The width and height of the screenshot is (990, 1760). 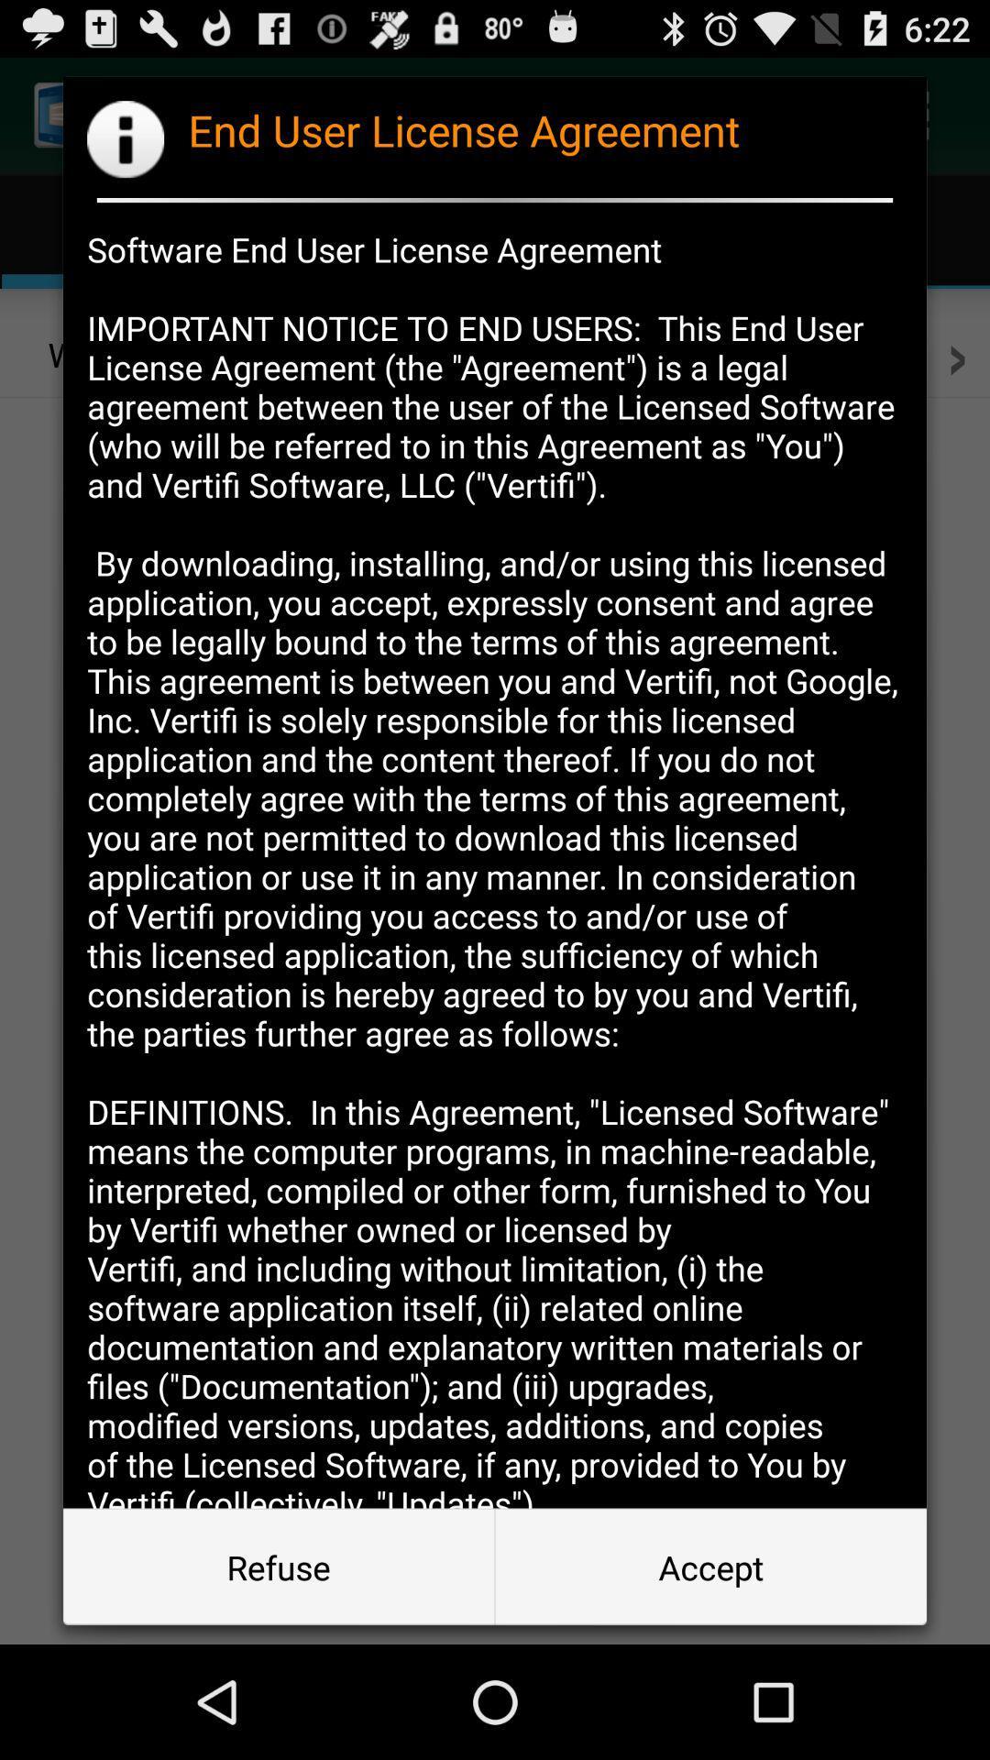 What do you see at coordinates (709, 1566) in the screenshot?
I see `icon at the bottom right corner` at bounding box center [709, 1566].